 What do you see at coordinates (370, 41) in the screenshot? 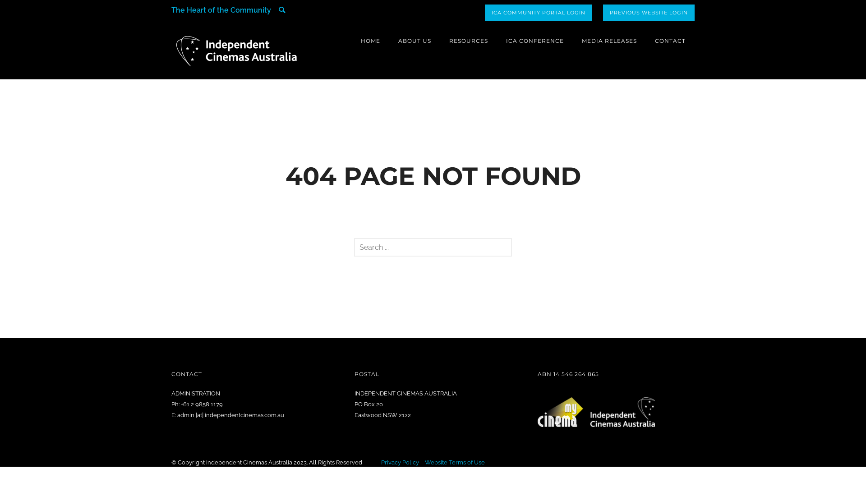
I see `'HOME'` at bounding box center [370, 41].